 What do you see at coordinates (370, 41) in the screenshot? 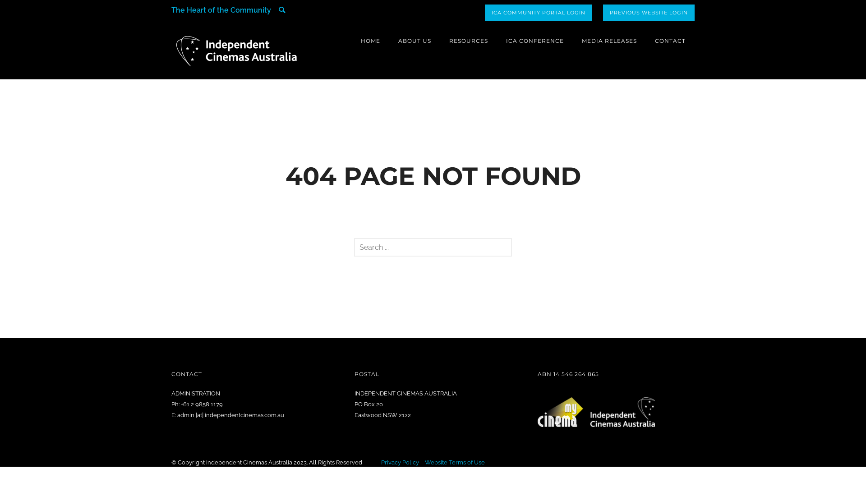
I see `'HOME'` at bounding box center [370, 41].